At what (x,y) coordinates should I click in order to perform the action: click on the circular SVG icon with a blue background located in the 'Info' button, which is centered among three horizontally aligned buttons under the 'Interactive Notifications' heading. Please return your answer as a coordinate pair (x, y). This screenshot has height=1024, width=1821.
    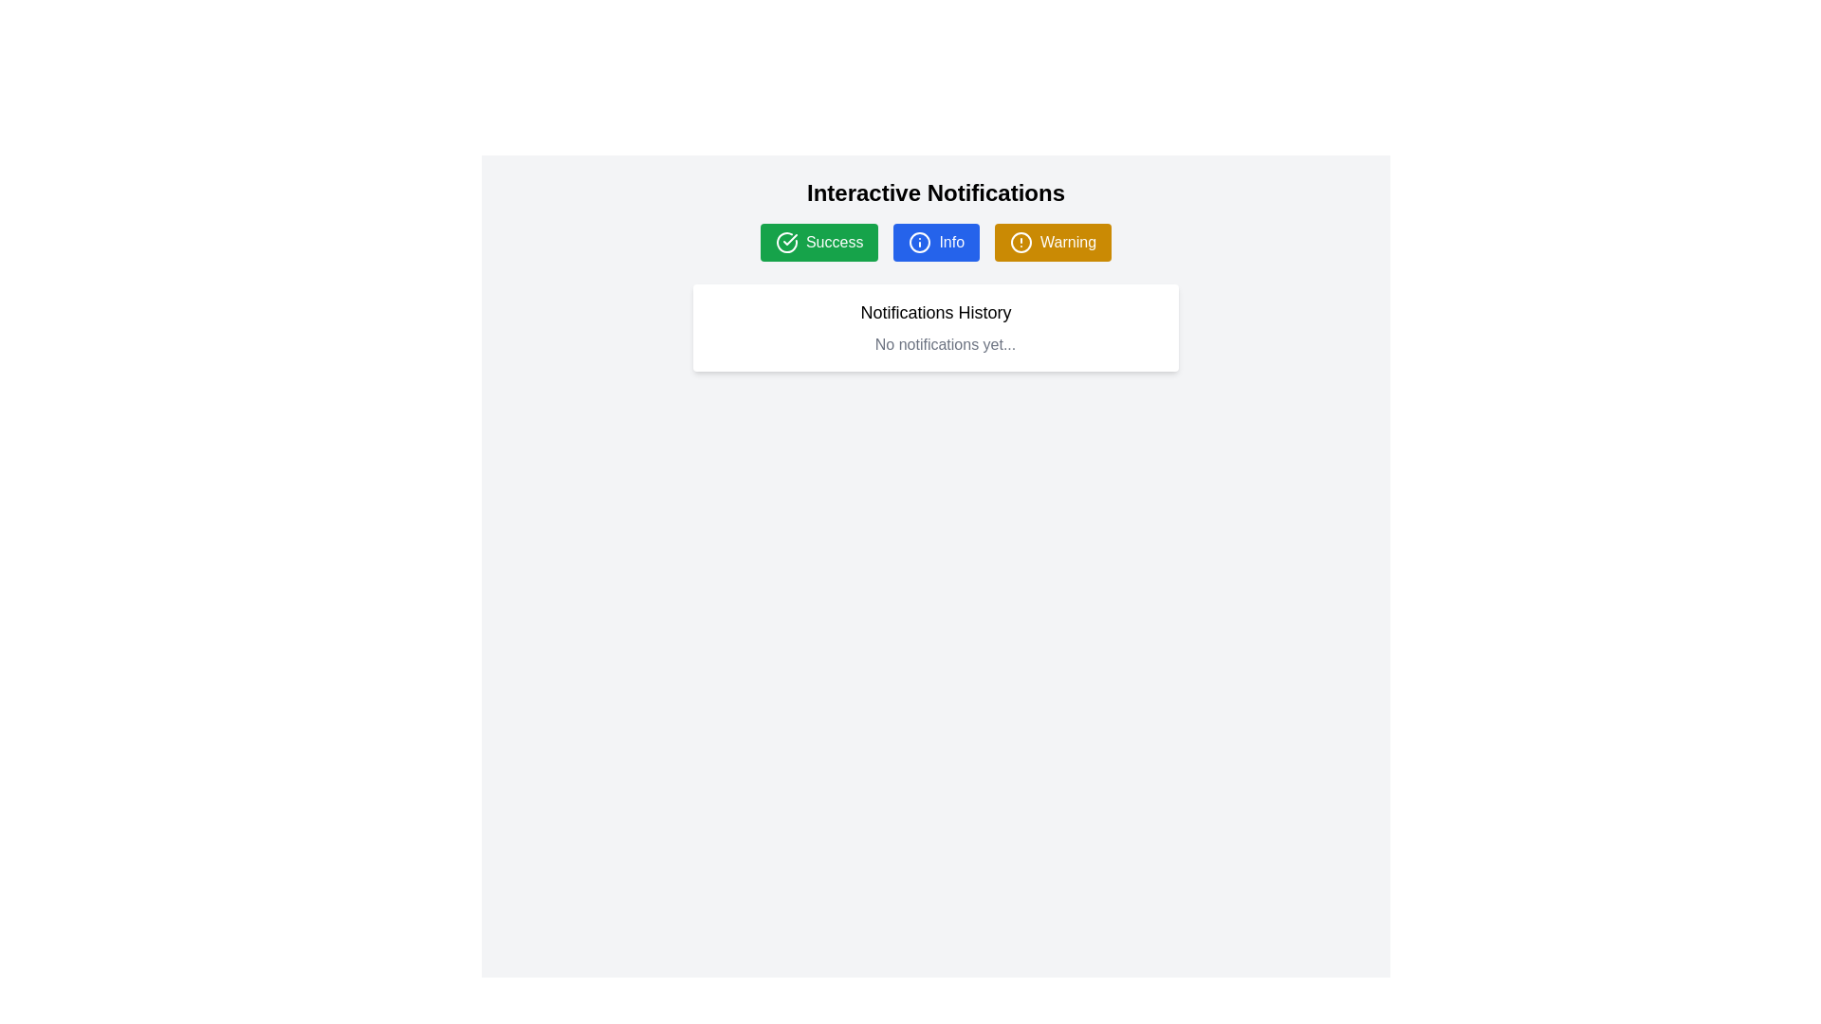
    Looking at the image, I should click on (920, 241).